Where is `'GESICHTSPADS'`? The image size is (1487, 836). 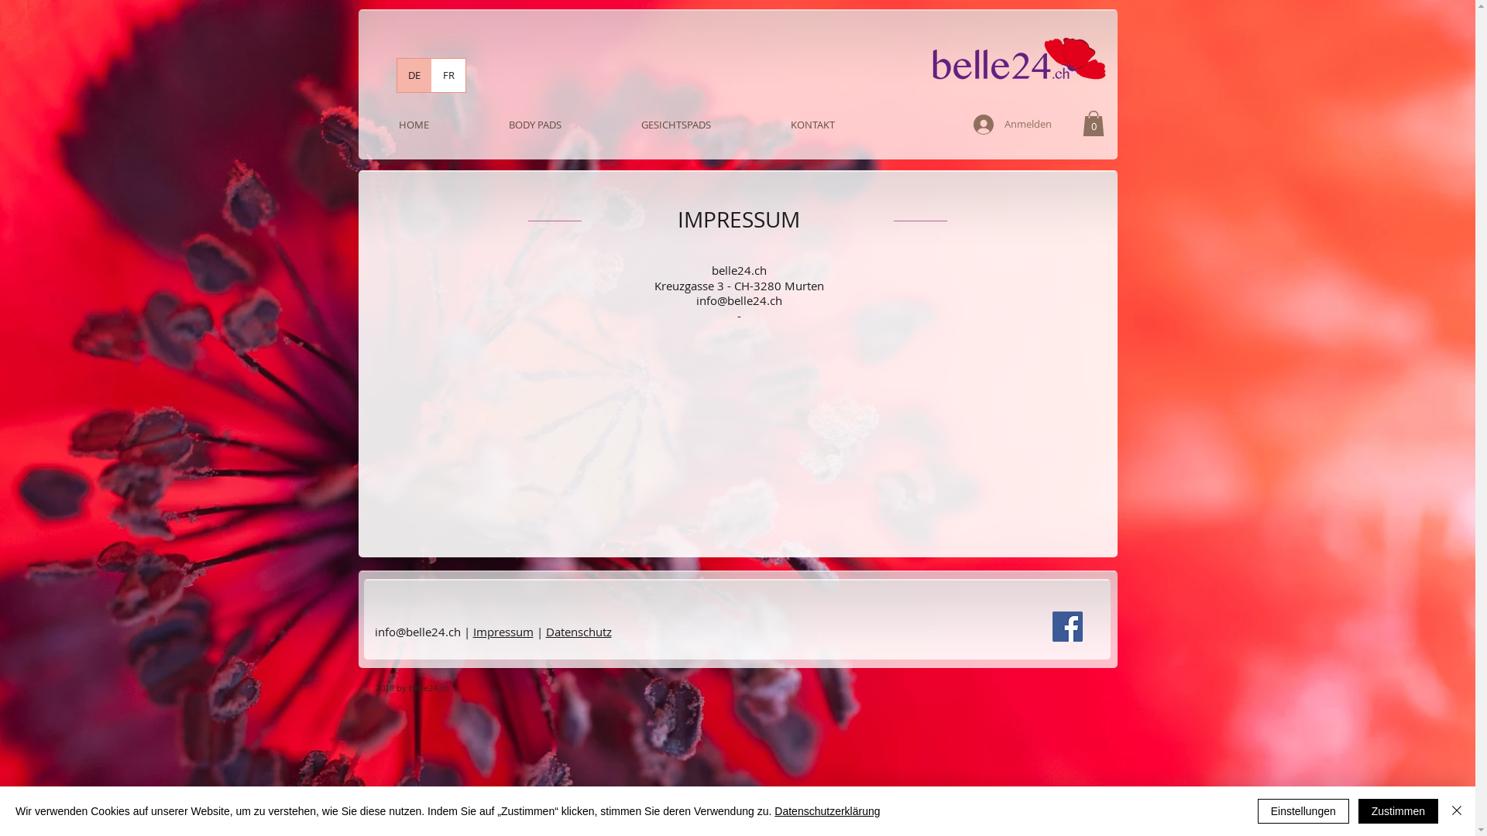 'GESICHTSPADS' is located at coordinates (675, 124).